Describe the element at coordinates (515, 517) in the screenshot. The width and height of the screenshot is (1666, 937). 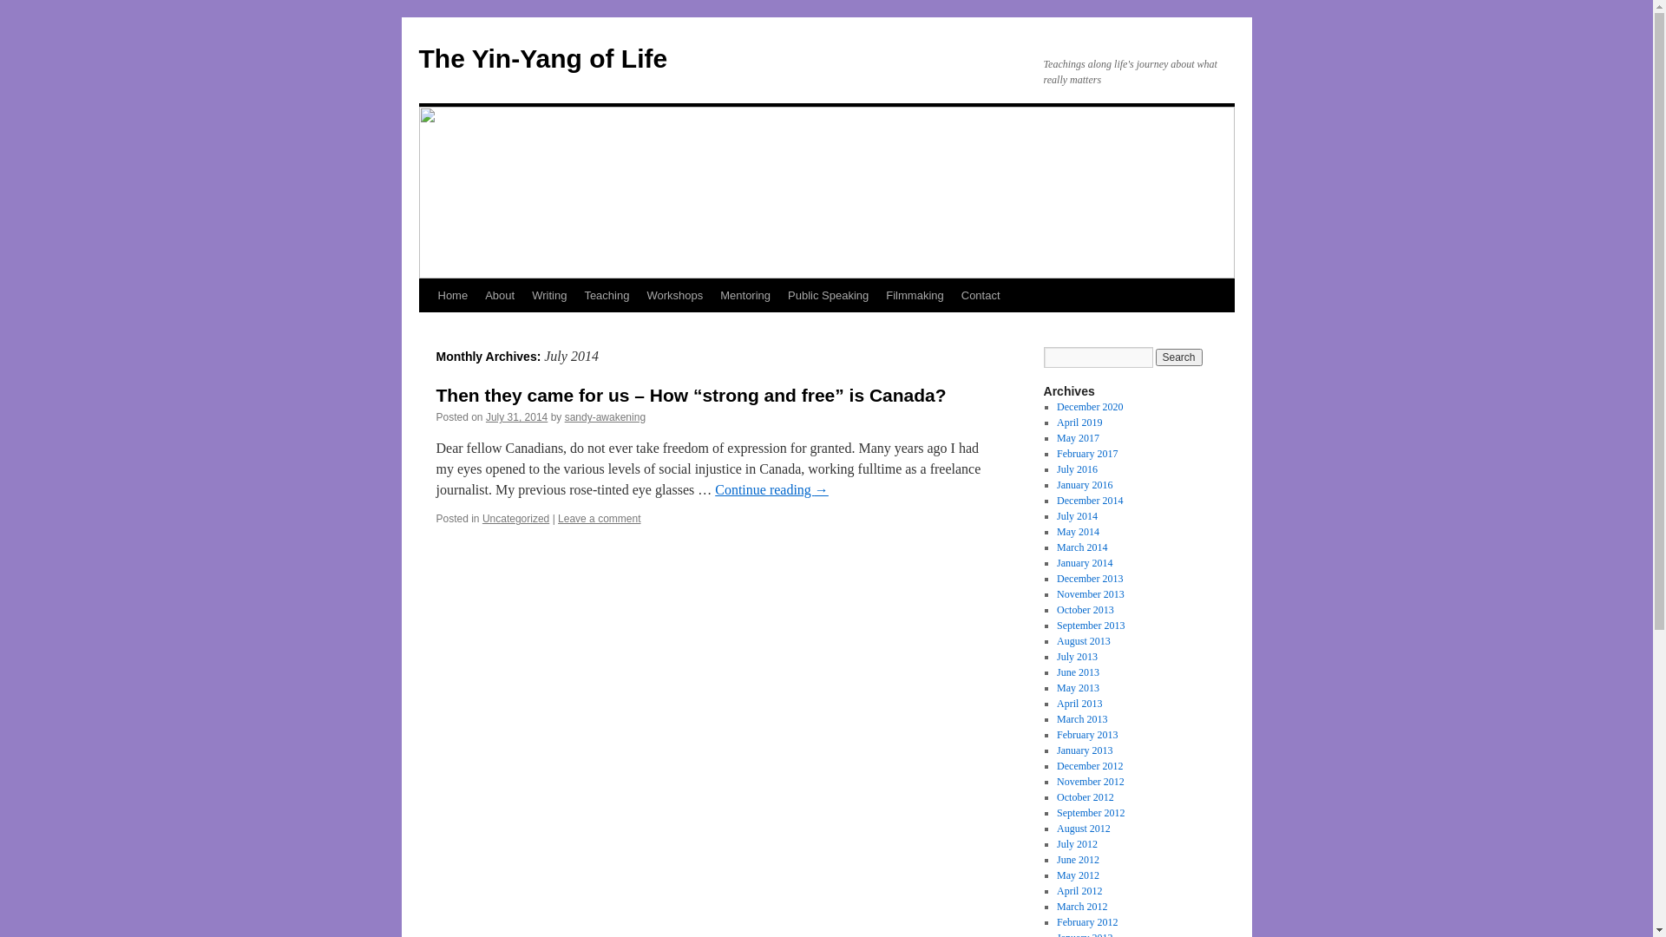
I see `'Uncategorized'` at that location.